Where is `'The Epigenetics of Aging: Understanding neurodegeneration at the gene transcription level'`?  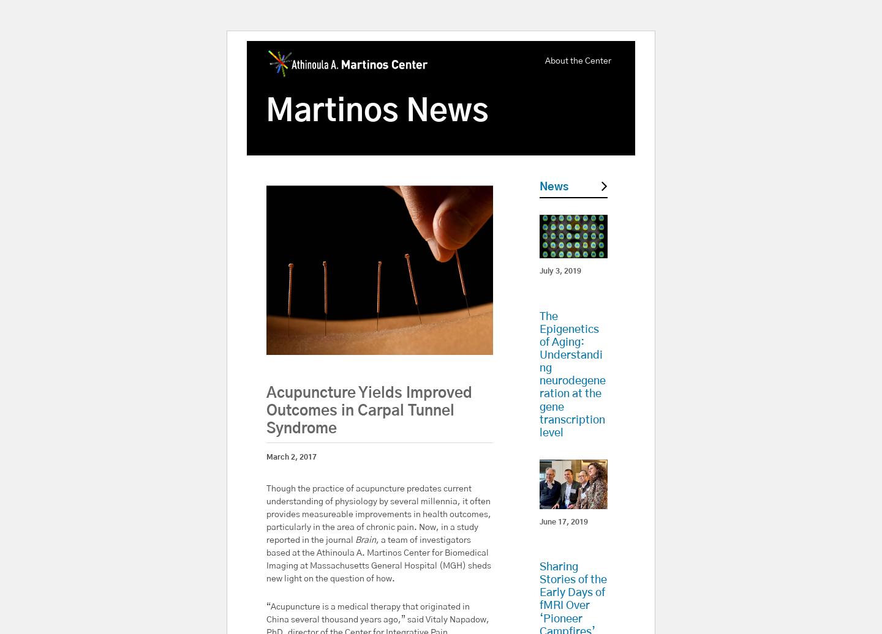
'The Epigenetics of Aging: Understanding neurodegeneration at the gene transcription level' is located at coordinates (571, 374).